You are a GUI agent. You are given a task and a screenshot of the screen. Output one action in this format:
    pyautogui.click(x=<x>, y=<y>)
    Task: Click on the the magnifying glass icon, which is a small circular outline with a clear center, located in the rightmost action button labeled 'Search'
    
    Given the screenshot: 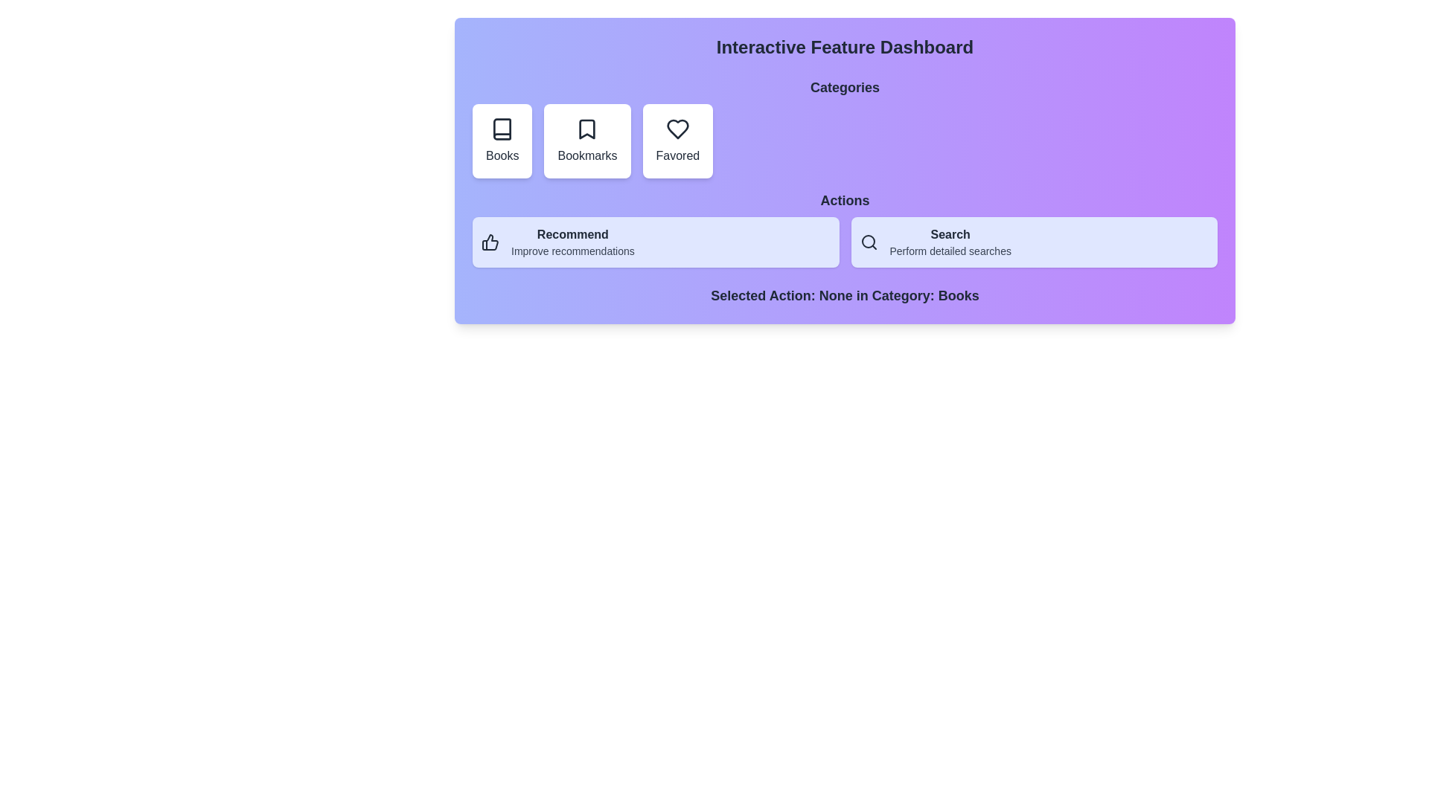 What is the action you would take?
    pyautogui.click(x=868, y=240)
    